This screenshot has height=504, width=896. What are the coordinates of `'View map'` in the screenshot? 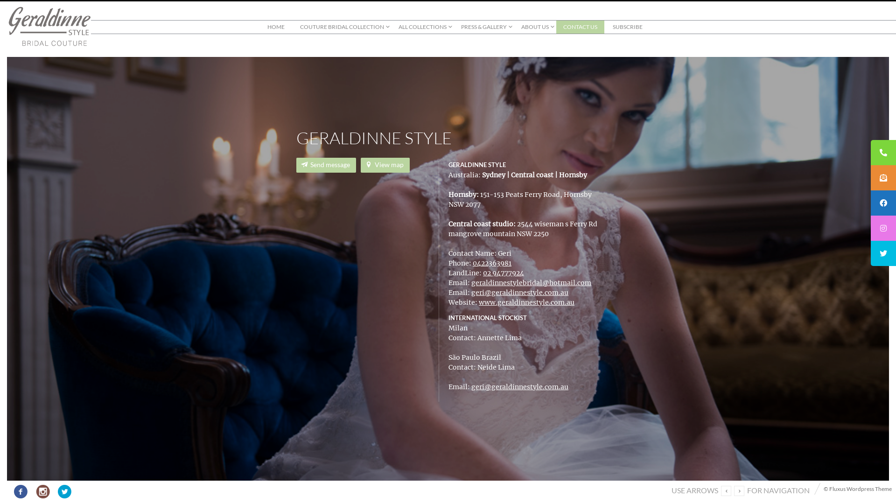 It's located at (385, 165).